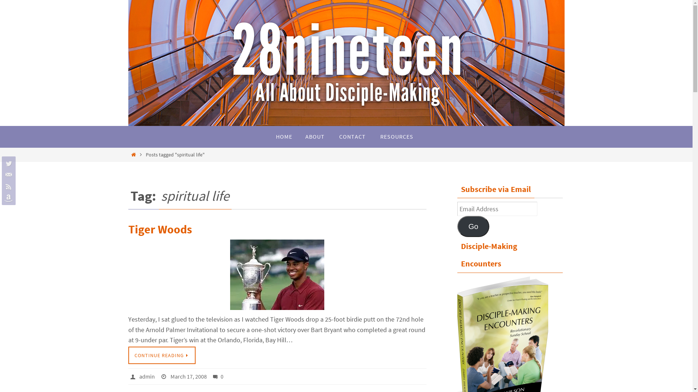 The height and width of the screenshot is (392, 698). What do you see at coordinates (352, 137) in the screenshot?
I see `'CONTACT'` at bounding box center [352, 137].